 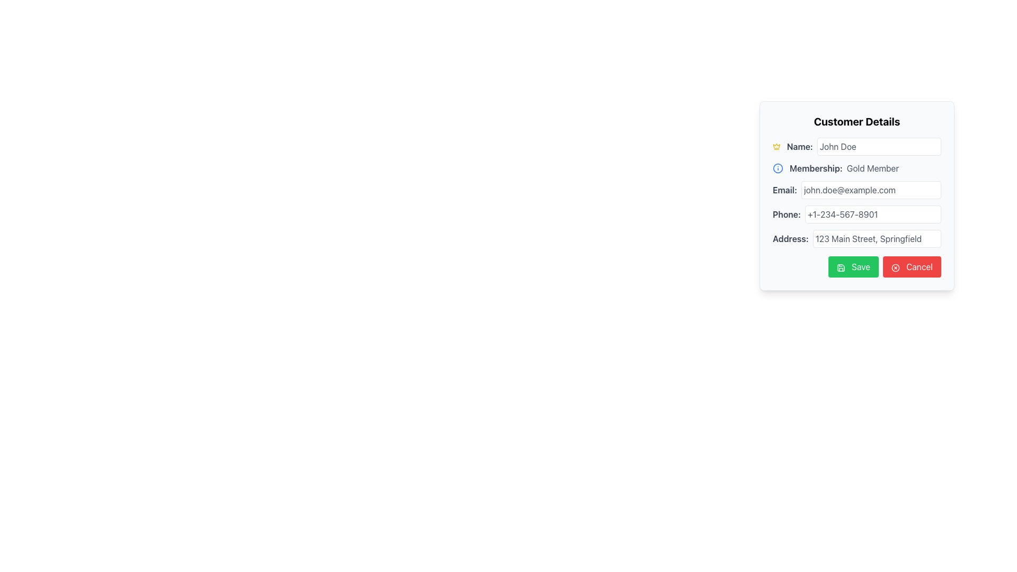 I want to click on the visual decorative element representing the information icon adjacent to the 'Membership' label in the 'Customer Details' section, so click(x=778, y=167).